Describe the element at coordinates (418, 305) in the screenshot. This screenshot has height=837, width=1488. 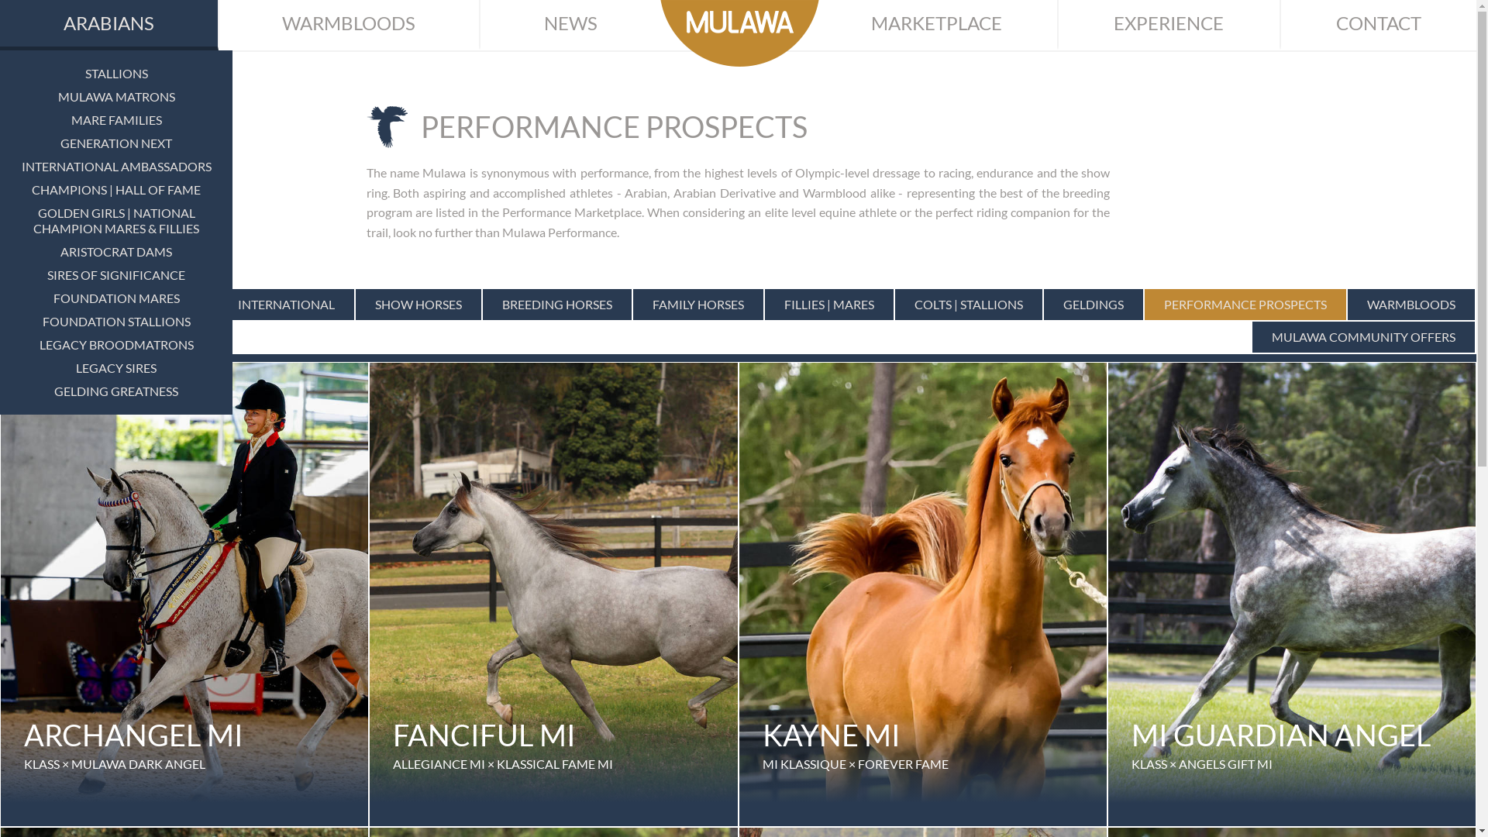
I see `'SHOW HORSES'` at that location.